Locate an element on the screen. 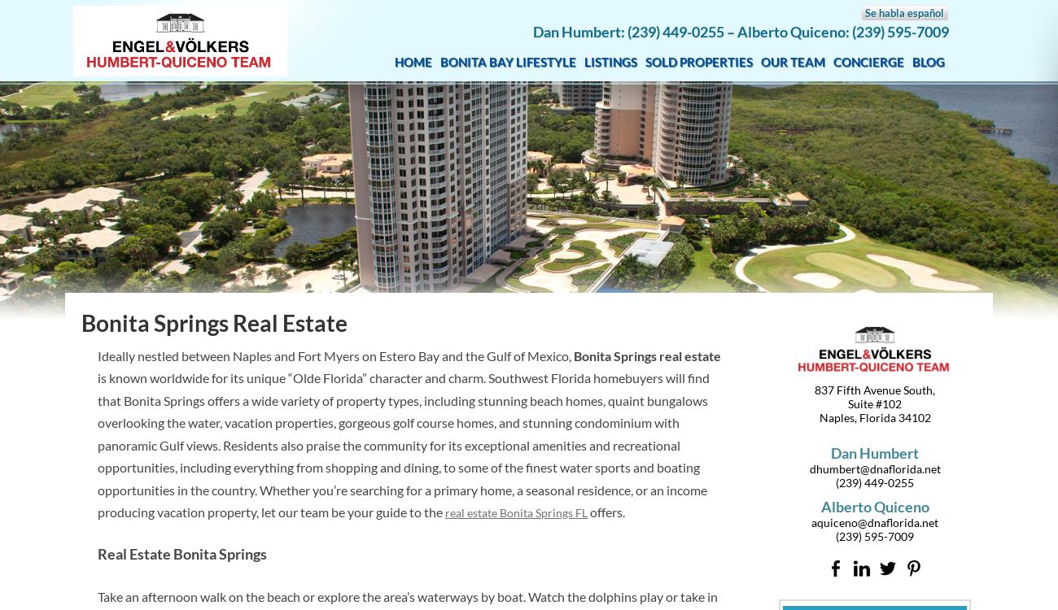 The image size is (1058, 610). 'Naples, Florida 34102' is located at coordinates (874, 416).